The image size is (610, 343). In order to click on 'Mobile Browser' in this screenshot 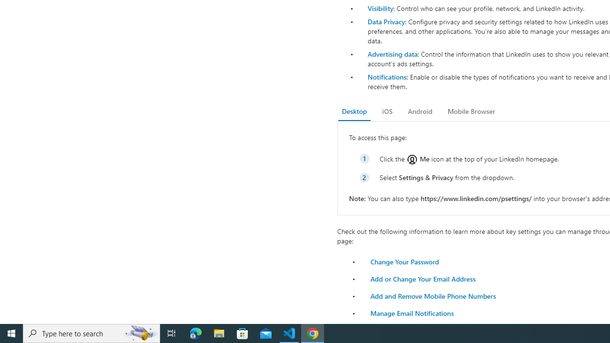, I will do `click(471, 111)`.